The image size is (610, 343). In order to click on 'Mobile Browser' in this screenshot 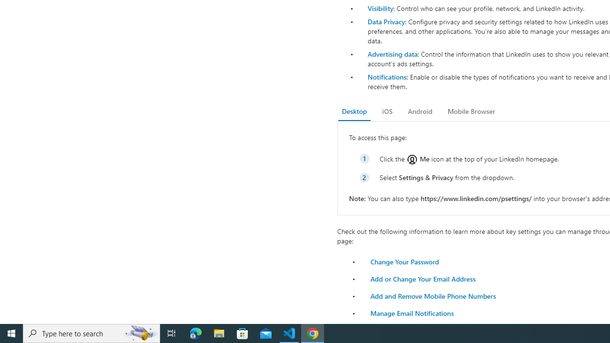, I will do `click(471, 111)`.